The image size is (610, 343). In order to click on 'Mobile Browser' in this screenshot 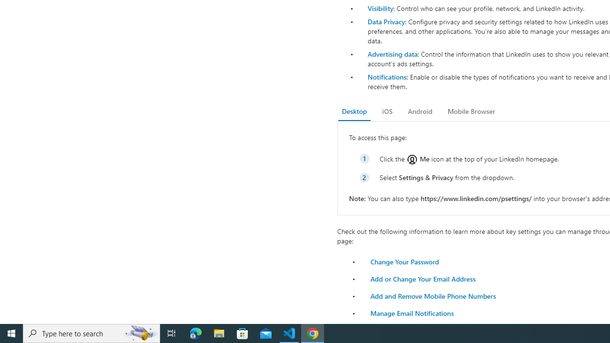, I will do `click(471, 111)`.